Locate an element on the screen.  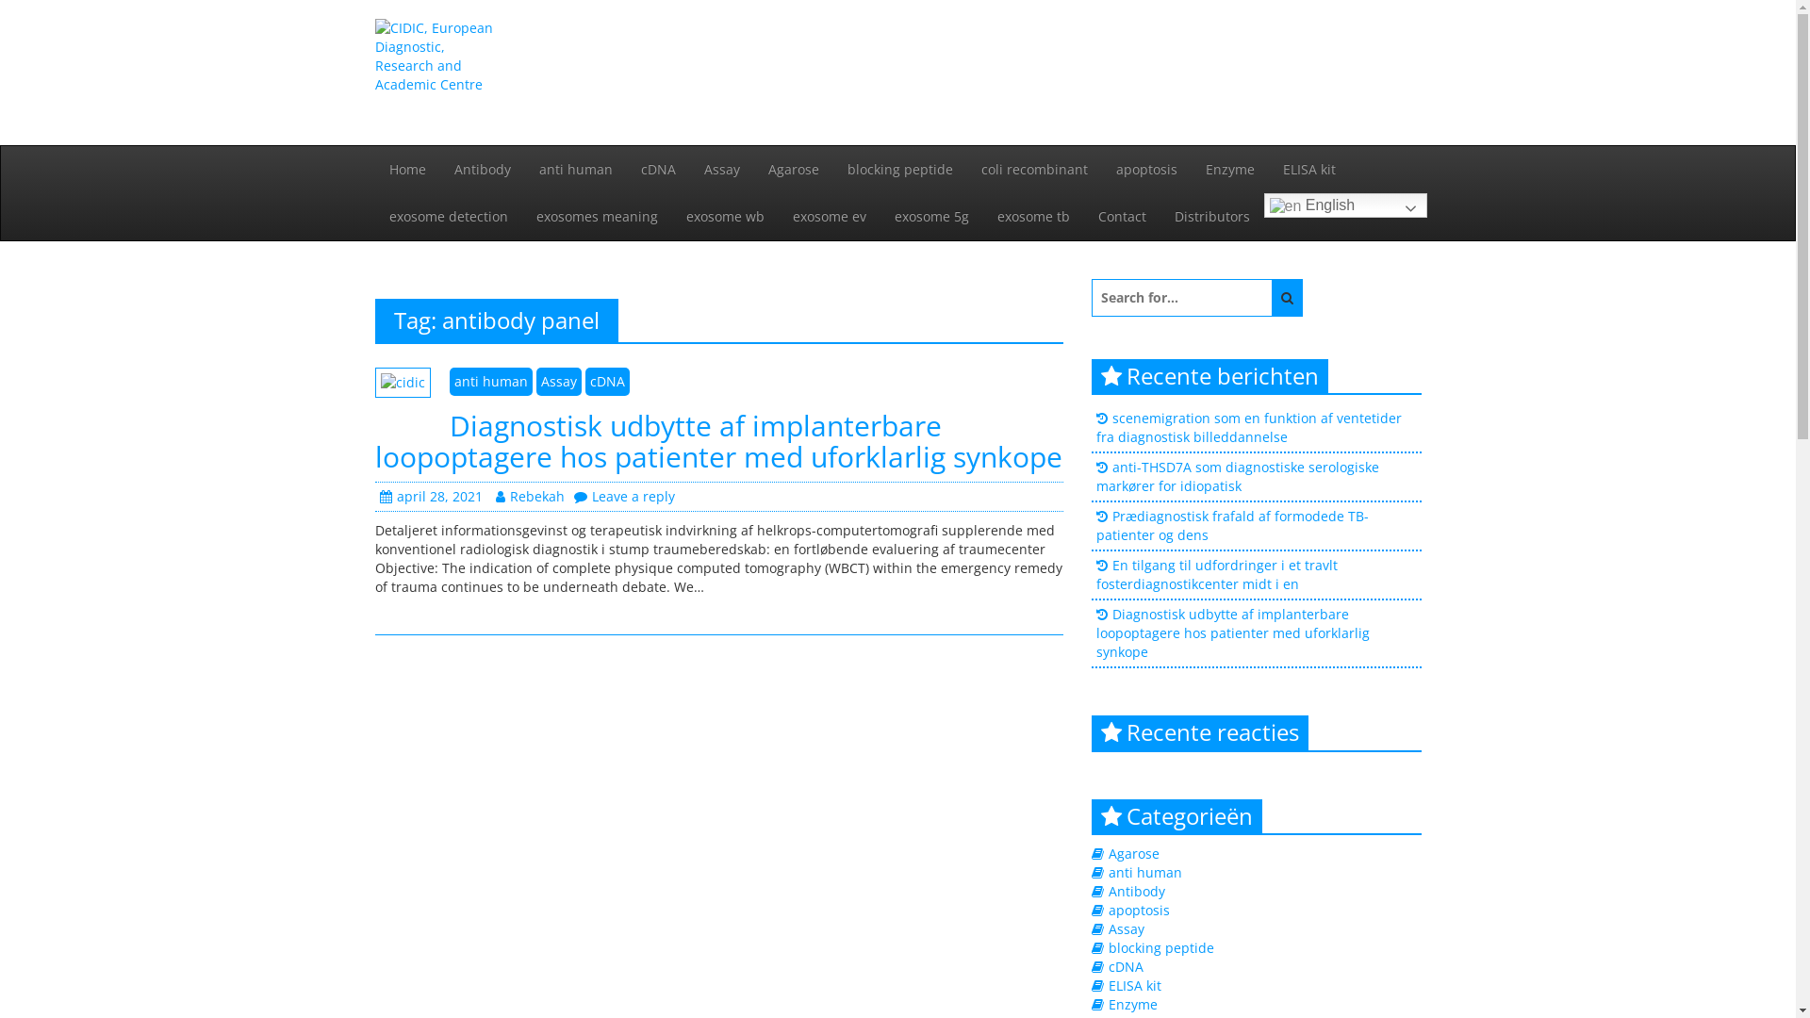
'apoptosis' is located at coordinates (1138, 909).